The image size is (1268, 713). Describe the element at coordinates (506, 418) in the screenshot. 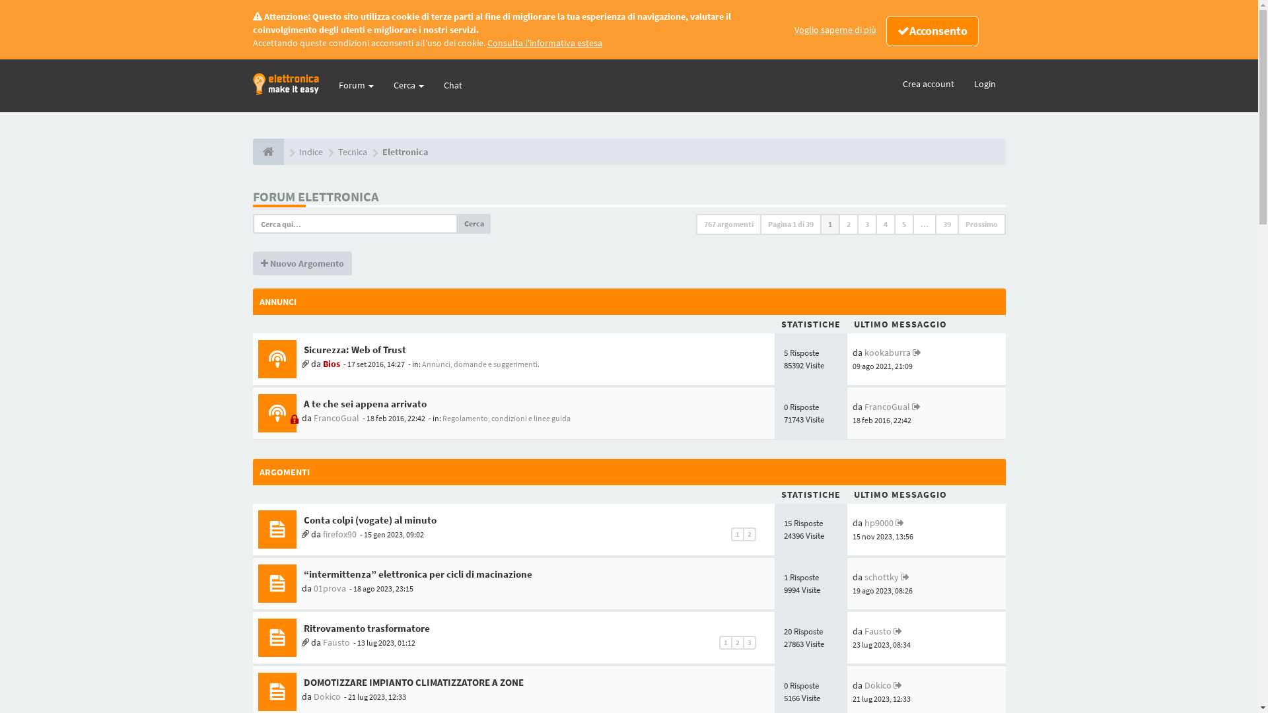

I see `'Regolamento, condizioni e linee guida'` at that location.